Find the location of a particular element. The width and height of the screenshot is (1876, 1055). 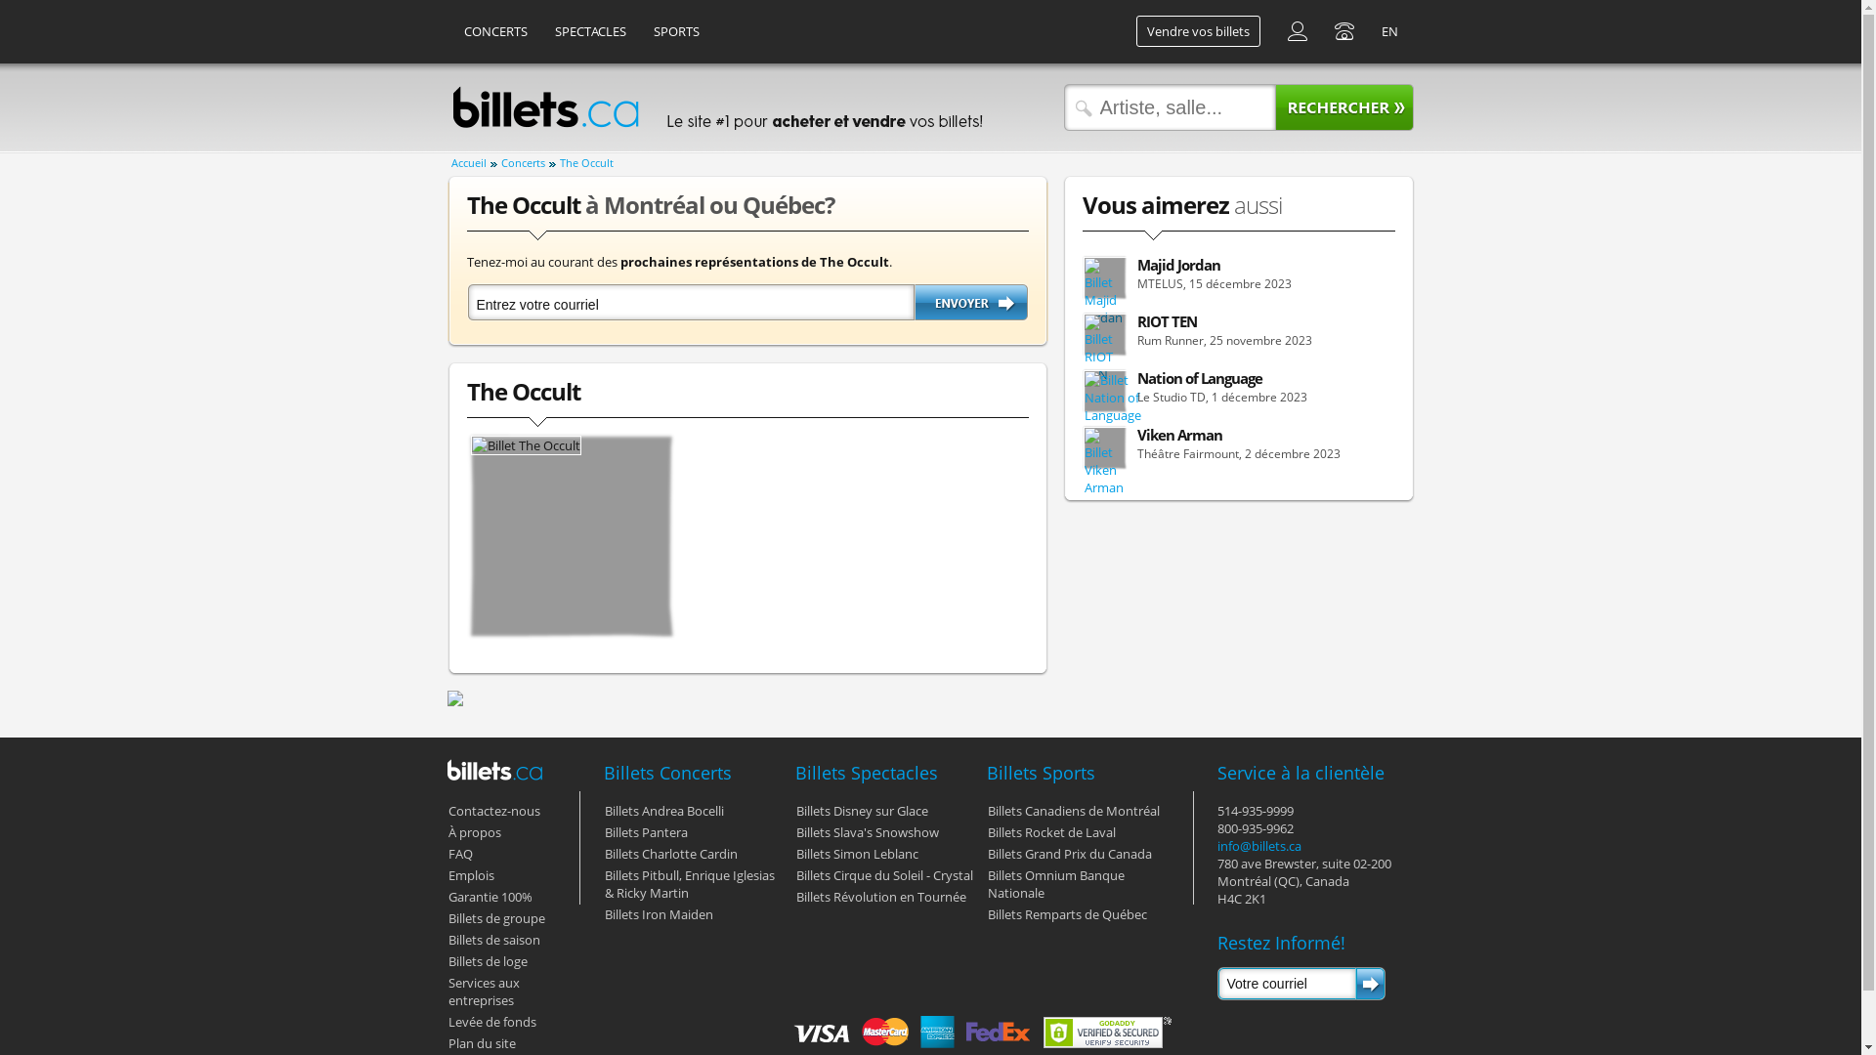

'Billets Omnium Banque Nationale' is located at coordinates (1054, 884).